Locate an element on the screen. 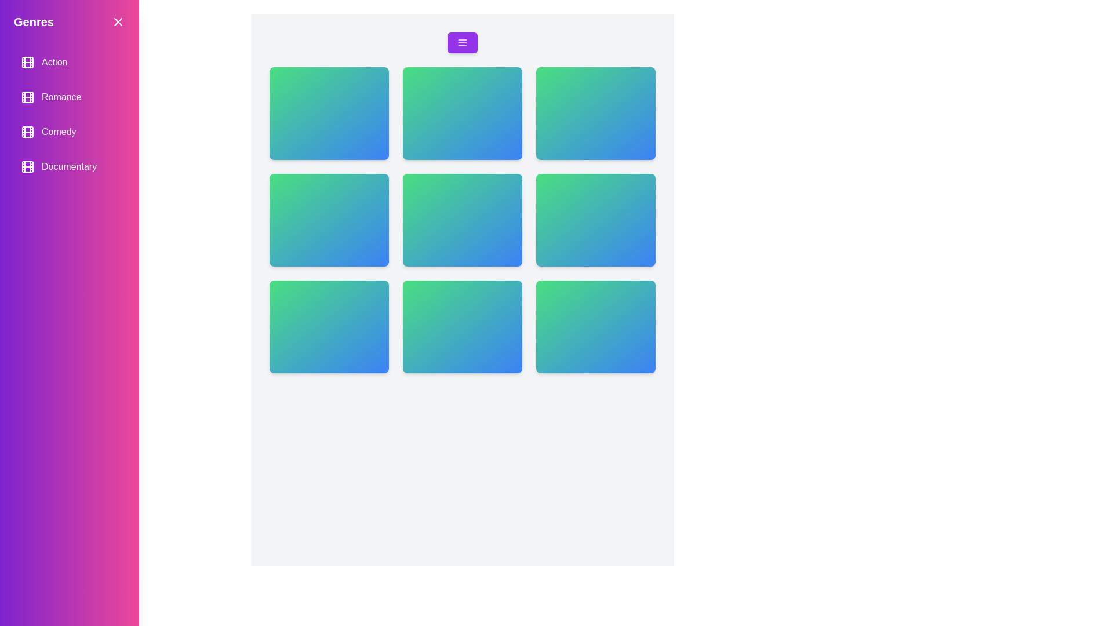 This screenshot has height=626, width=1113. the genre item labeled Action is located at coordinates (69, 63).